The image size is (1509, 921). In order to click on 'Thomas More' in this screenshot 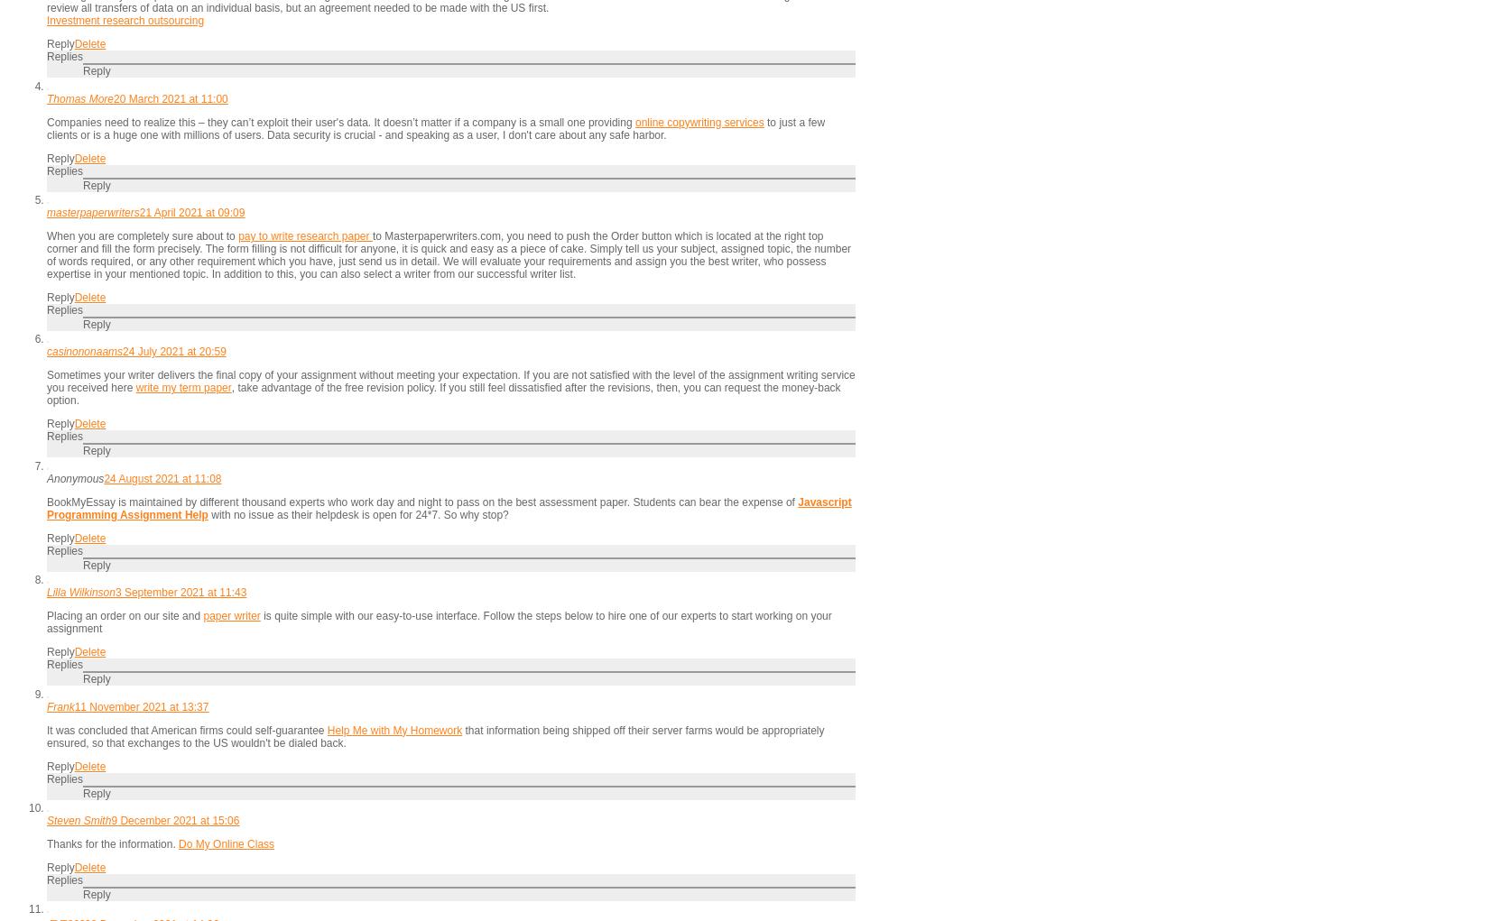, I will do `click(79, 97)`.